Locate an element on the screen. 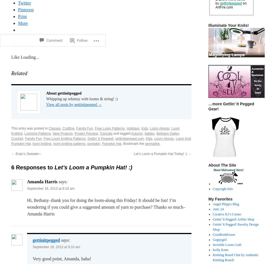 This screenshot has height=264, width=276. 'Free Loom Knitting Patterns' is located at coordinates (64, 138).